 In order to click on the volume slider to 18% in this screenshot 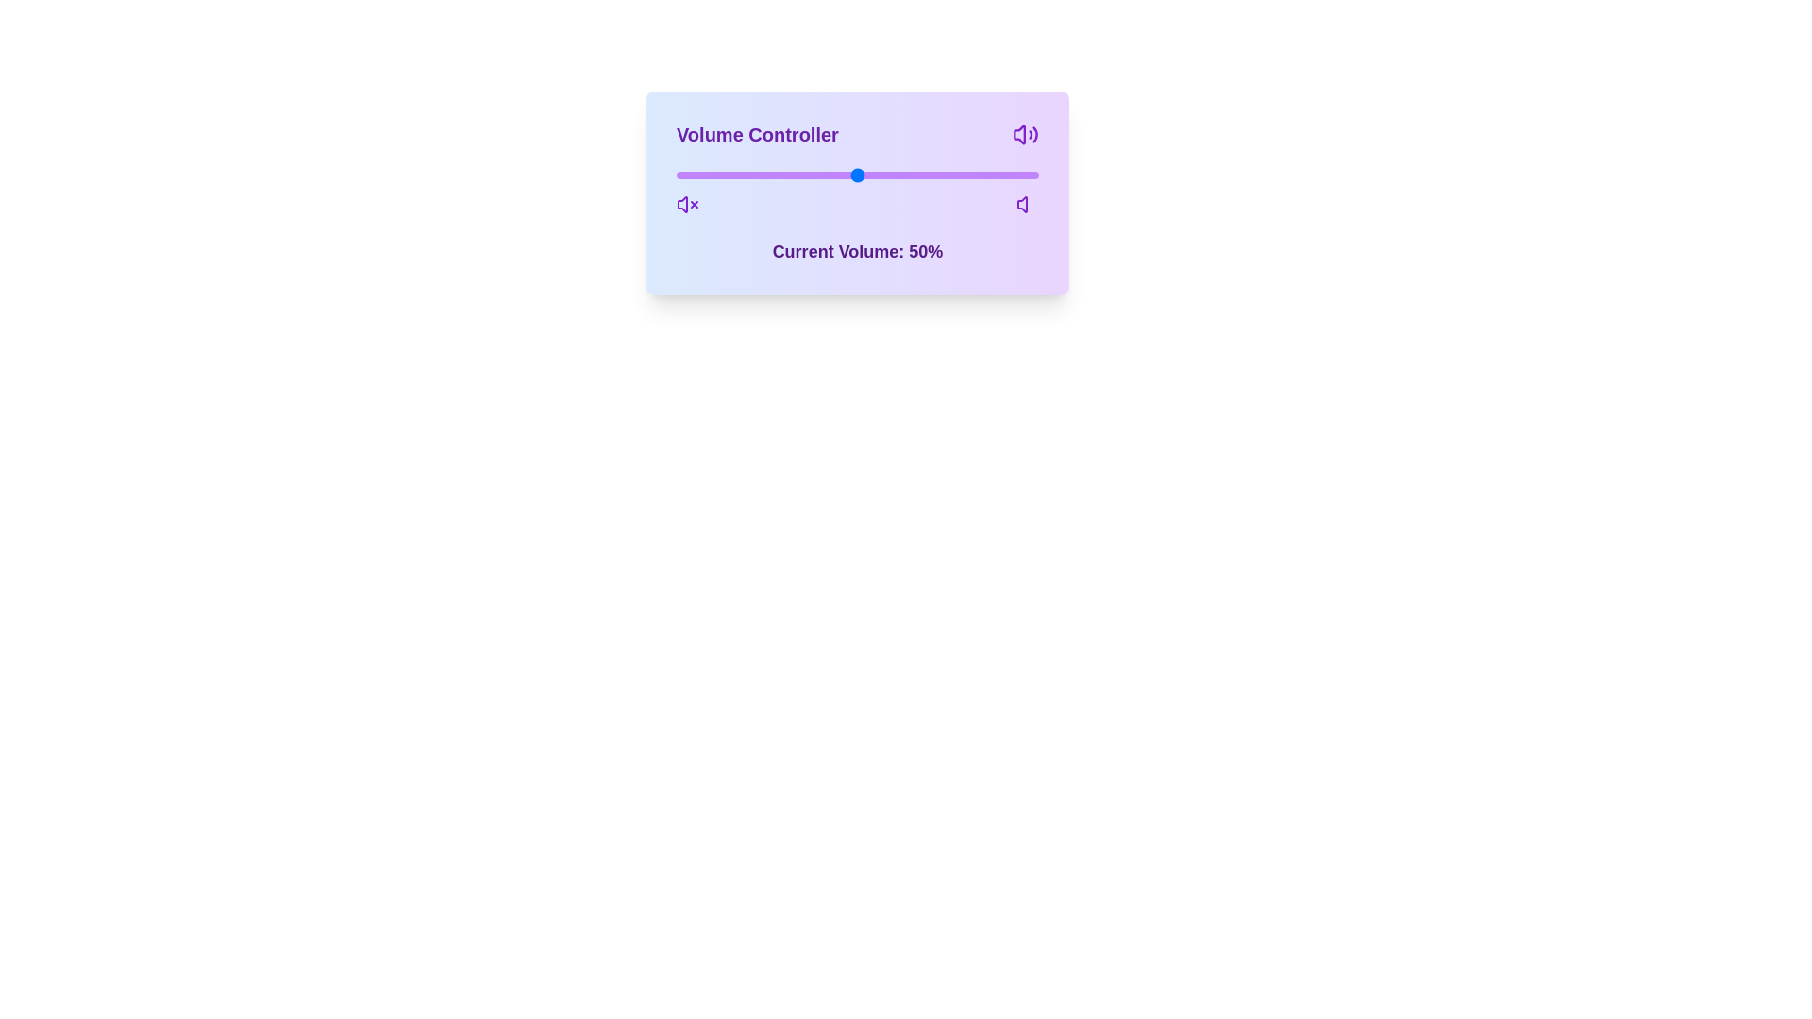, I will do `click(741, 175)`.